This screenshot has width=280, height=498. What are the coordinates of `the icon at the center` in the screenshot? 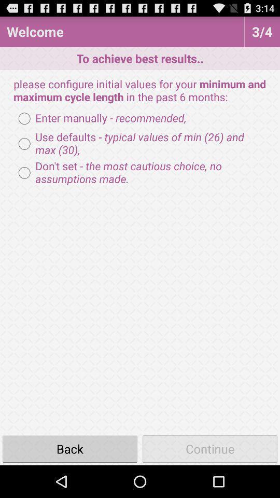 It's located at (140, 173).